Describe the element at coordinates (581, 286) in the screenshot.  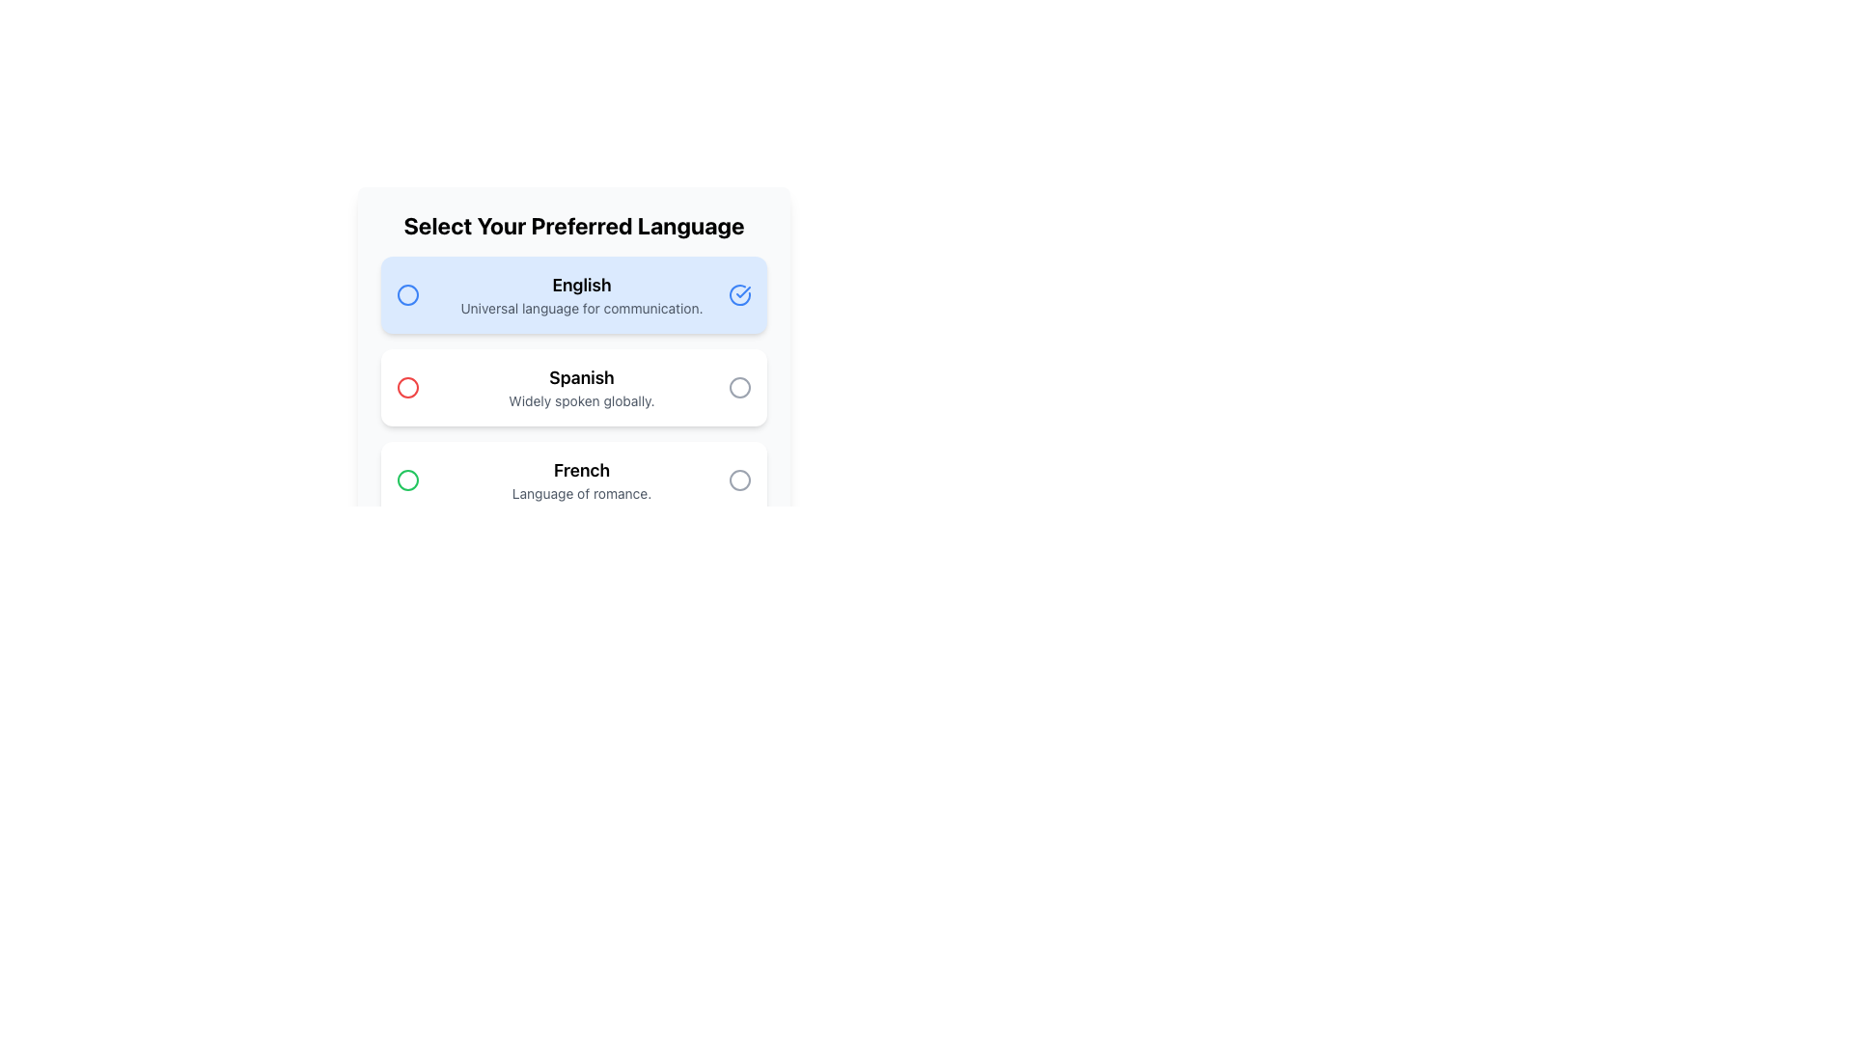
I see `the bold 'English' static text element, which is the title of the first section in a vertically stacked list and highlighted with a light blue background` at that location.